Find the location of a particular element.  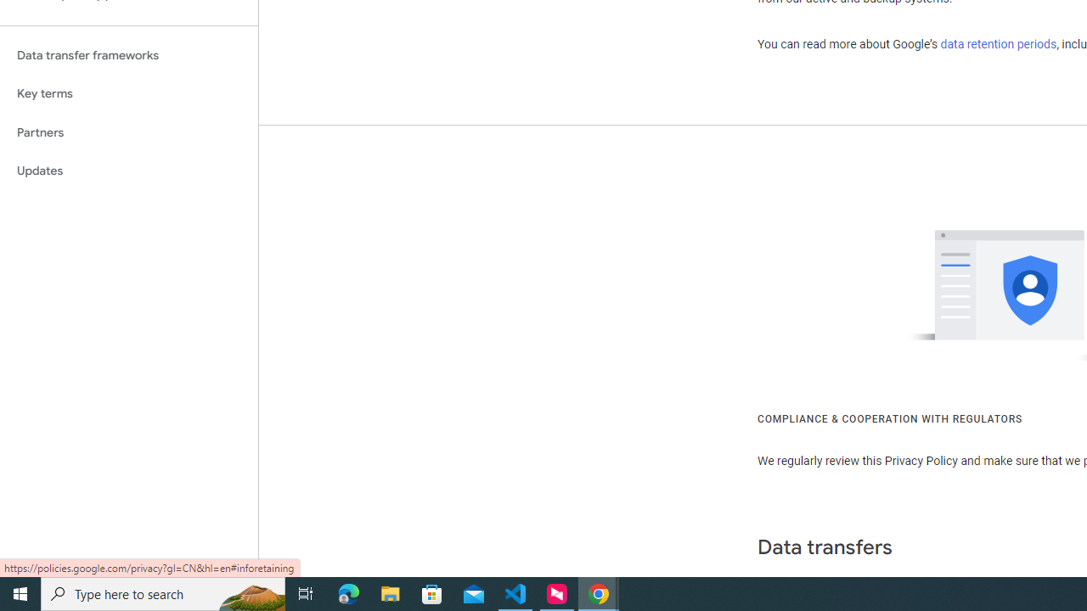

'Key terms' is located at coordinates (128, 93).